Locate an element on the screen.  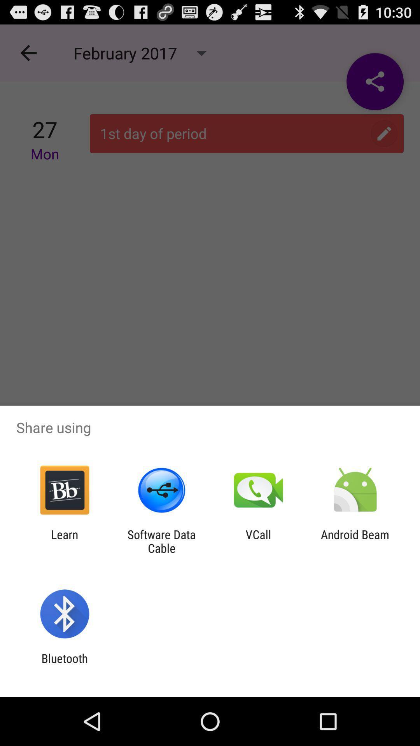
the software data cable app is located at coordinates (161, 541).